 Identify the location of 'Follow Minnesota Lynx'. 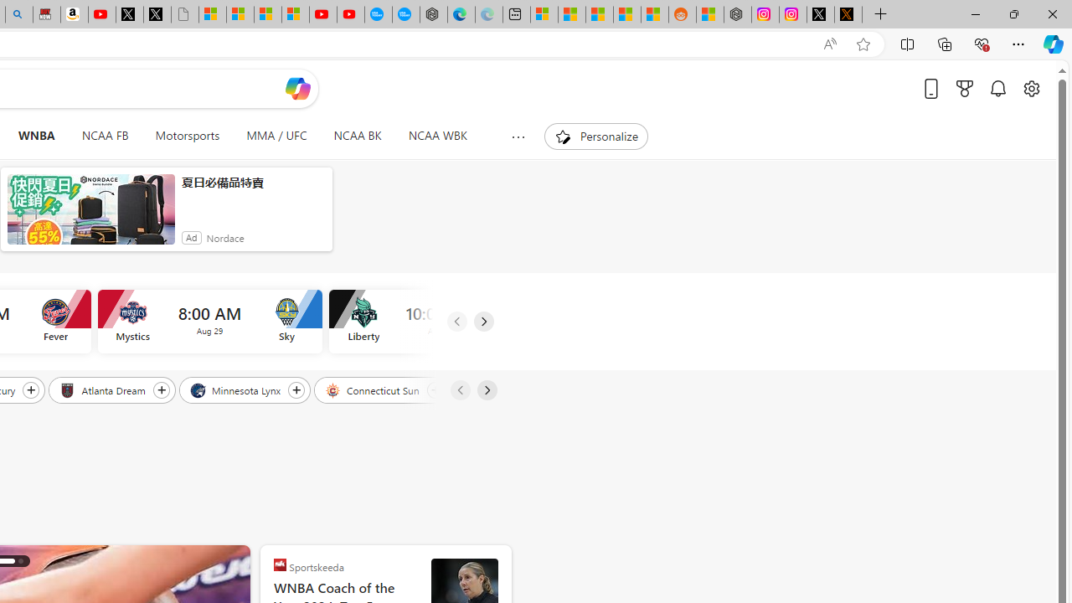
(296, 389).